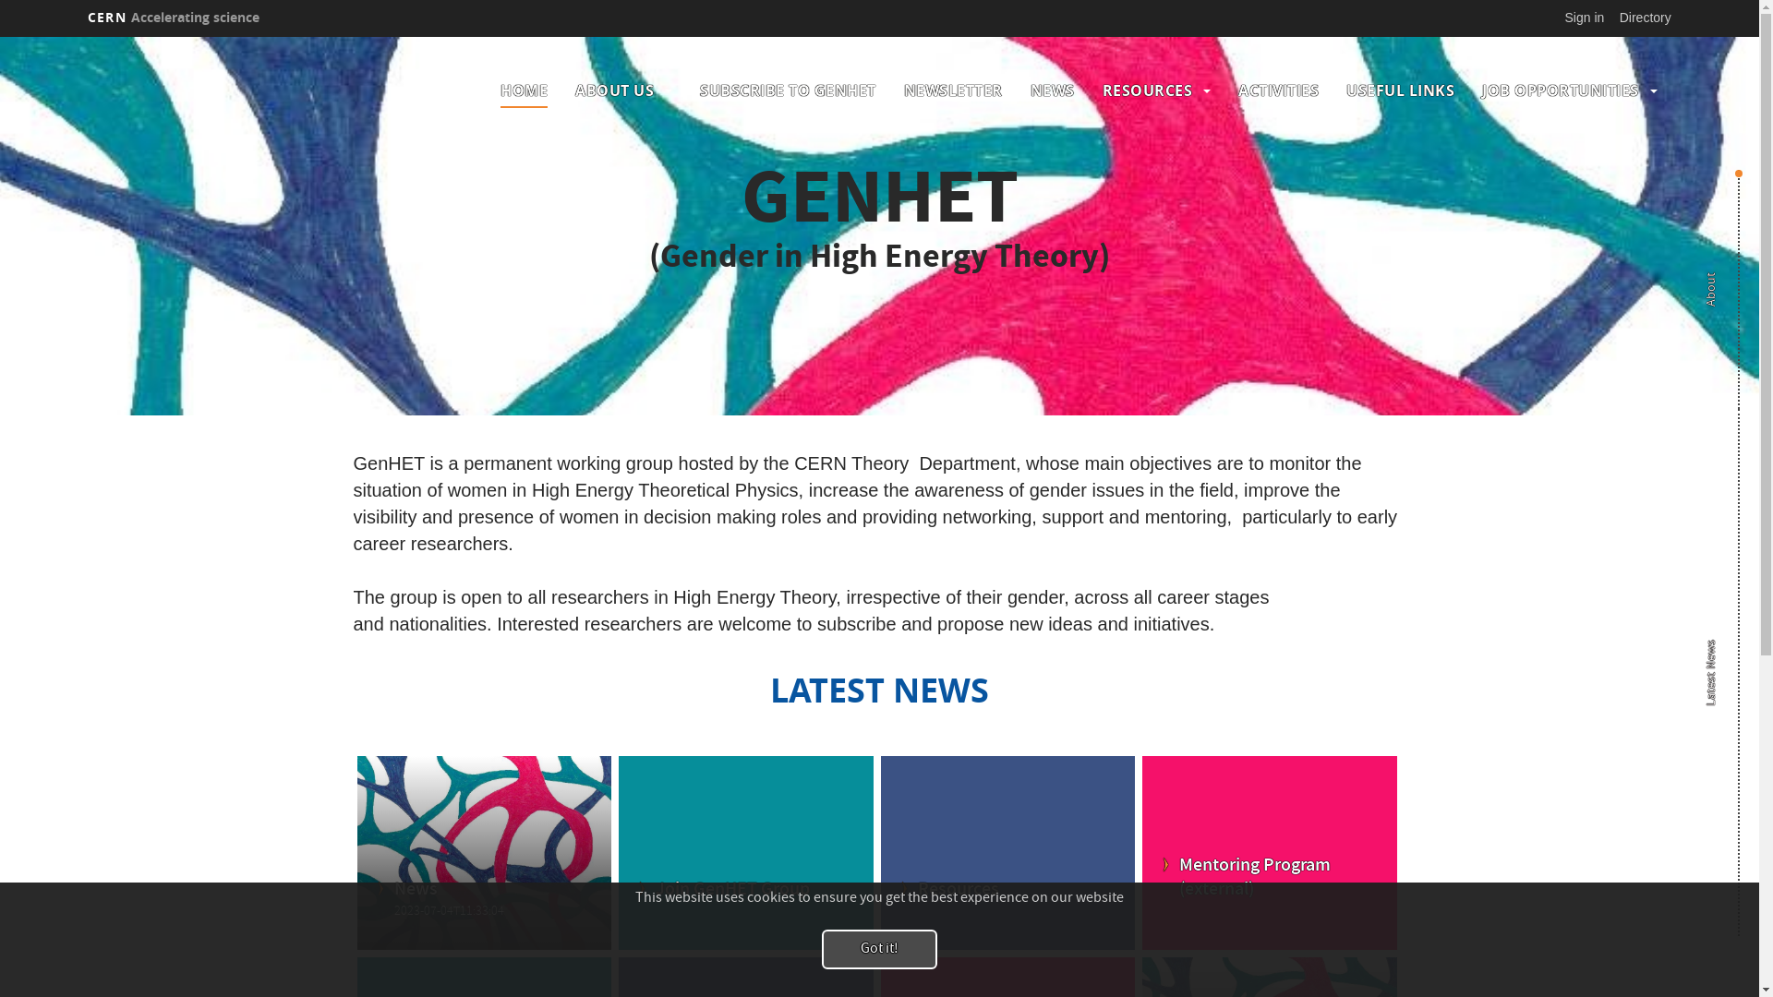 The height and width of the screenshot is (997, 1773). What do you see at coordinates (1559, 90) in the screenshot?
I see `'JOB OPPORTUNITIES'` at bounding box center [1559, 90].